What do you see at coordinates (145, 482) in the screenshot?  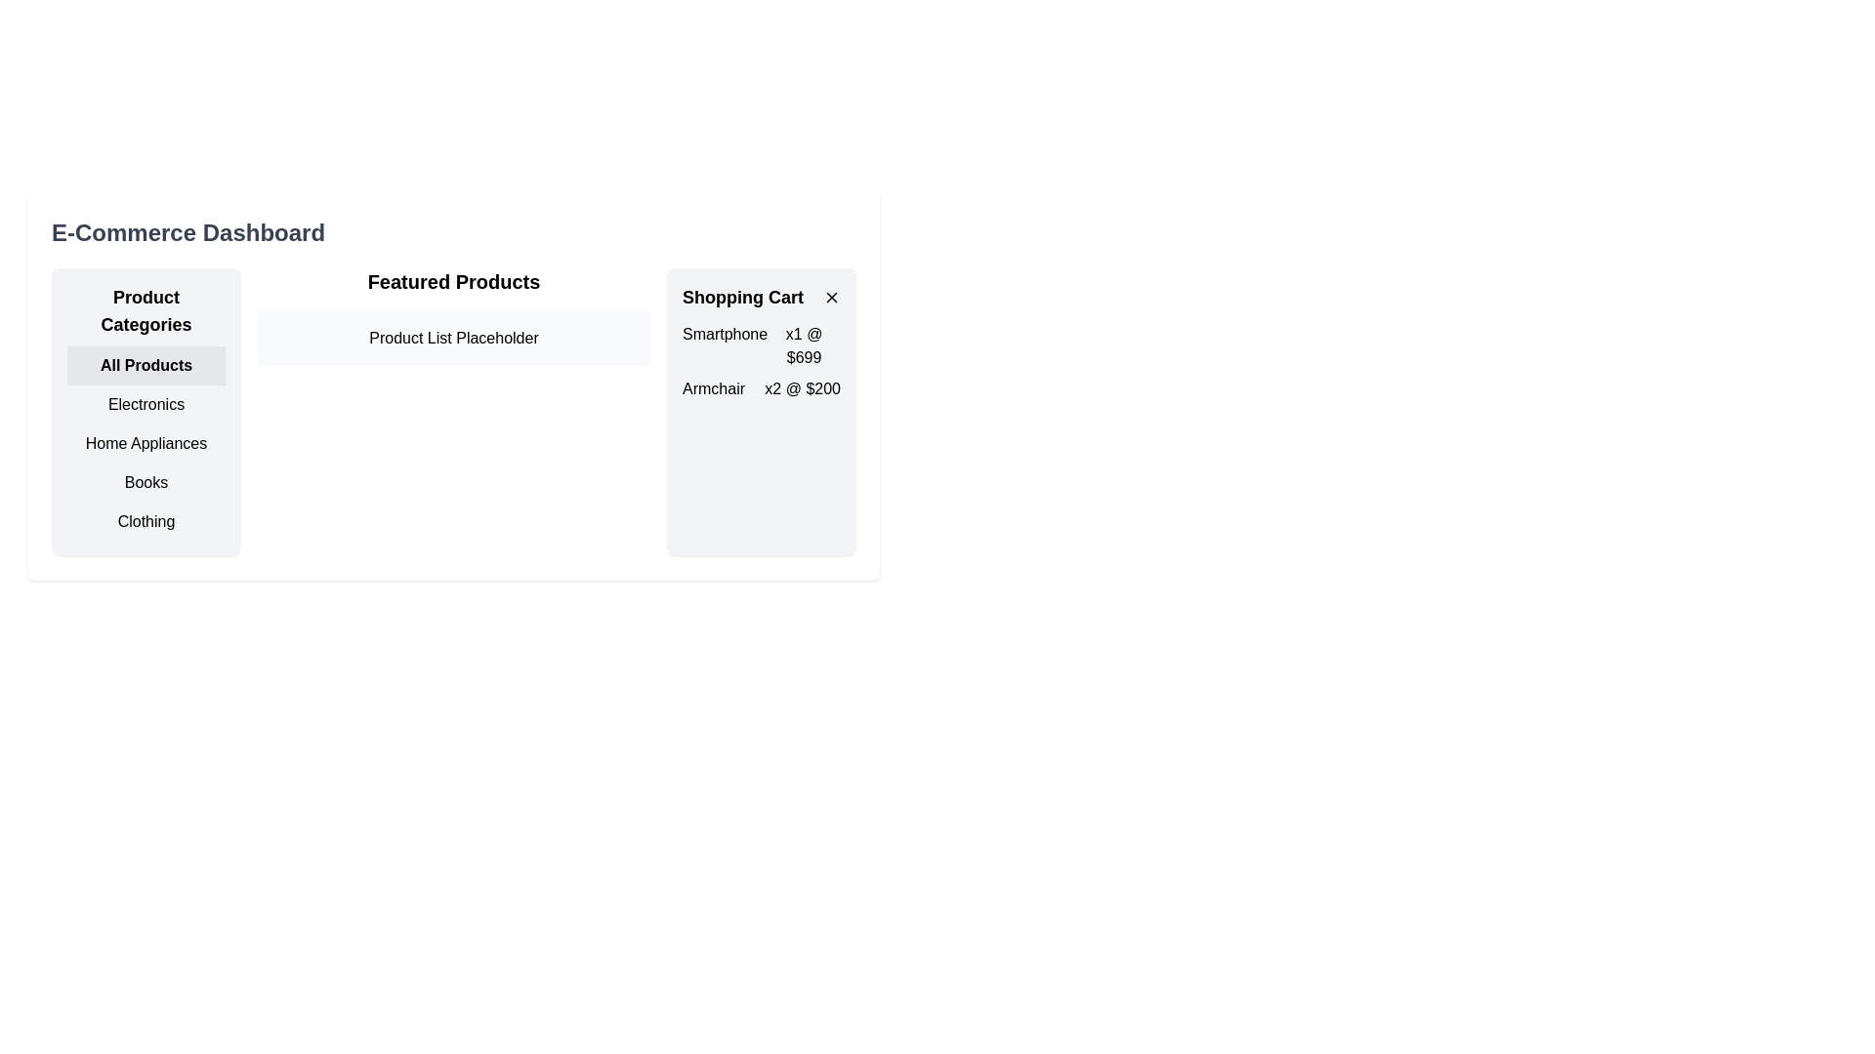 I see `the 'Books' button located in the 'Product Categories' sidebar` at bounding box center [145, 482].